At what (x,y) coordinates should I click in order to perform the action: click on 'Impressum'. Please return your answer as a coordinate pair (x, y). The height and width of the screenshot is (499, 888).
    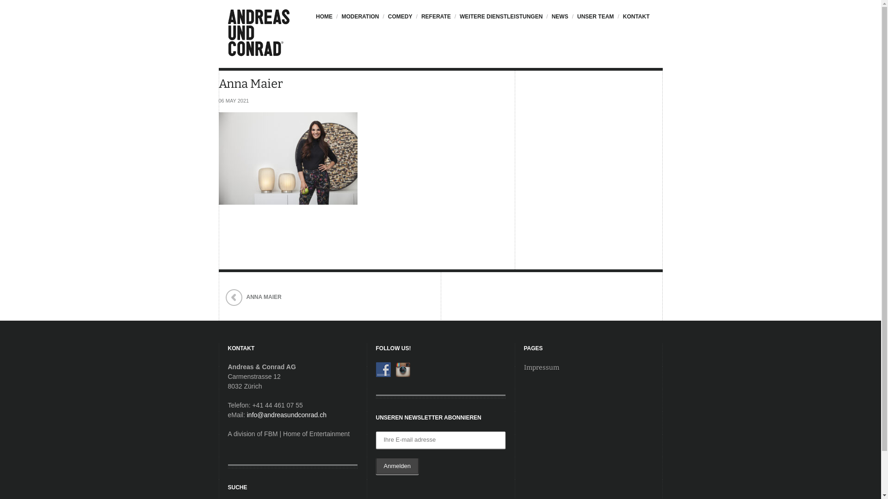
    Looking at the image, I should click on (524, 367).